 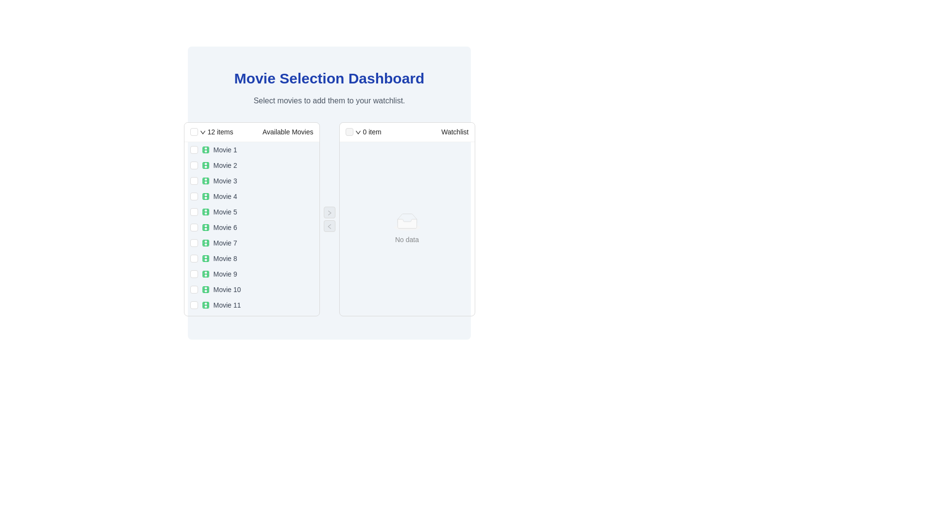 I want to click on the first green rectangle icon in the 'Available Movies' column located in the 'Movie Selection Dashboard', which precedes the title 'Movie 1', so click(x=205, y=149).